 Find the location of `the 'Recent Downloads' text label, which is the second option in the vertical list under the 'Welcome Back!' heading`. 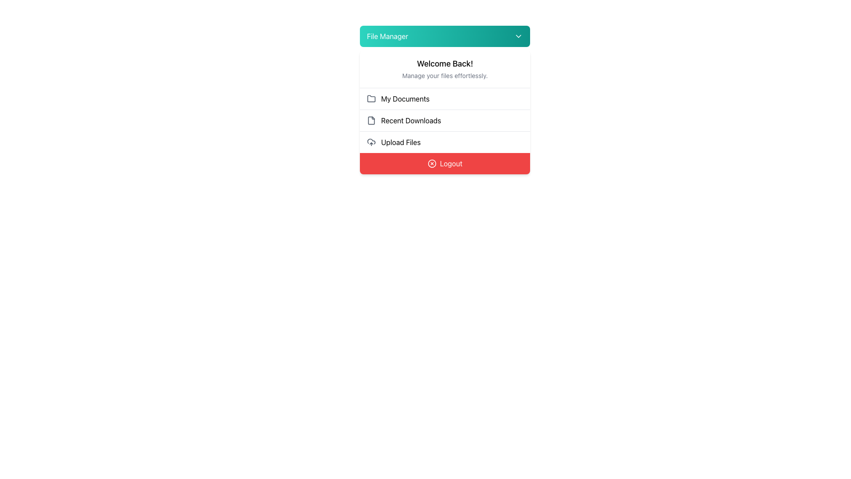

the 'Recent Downloads' text label, which is the second option in the vertical list under the 'Welcome Back!' heading is located at coordinates (410, 121).